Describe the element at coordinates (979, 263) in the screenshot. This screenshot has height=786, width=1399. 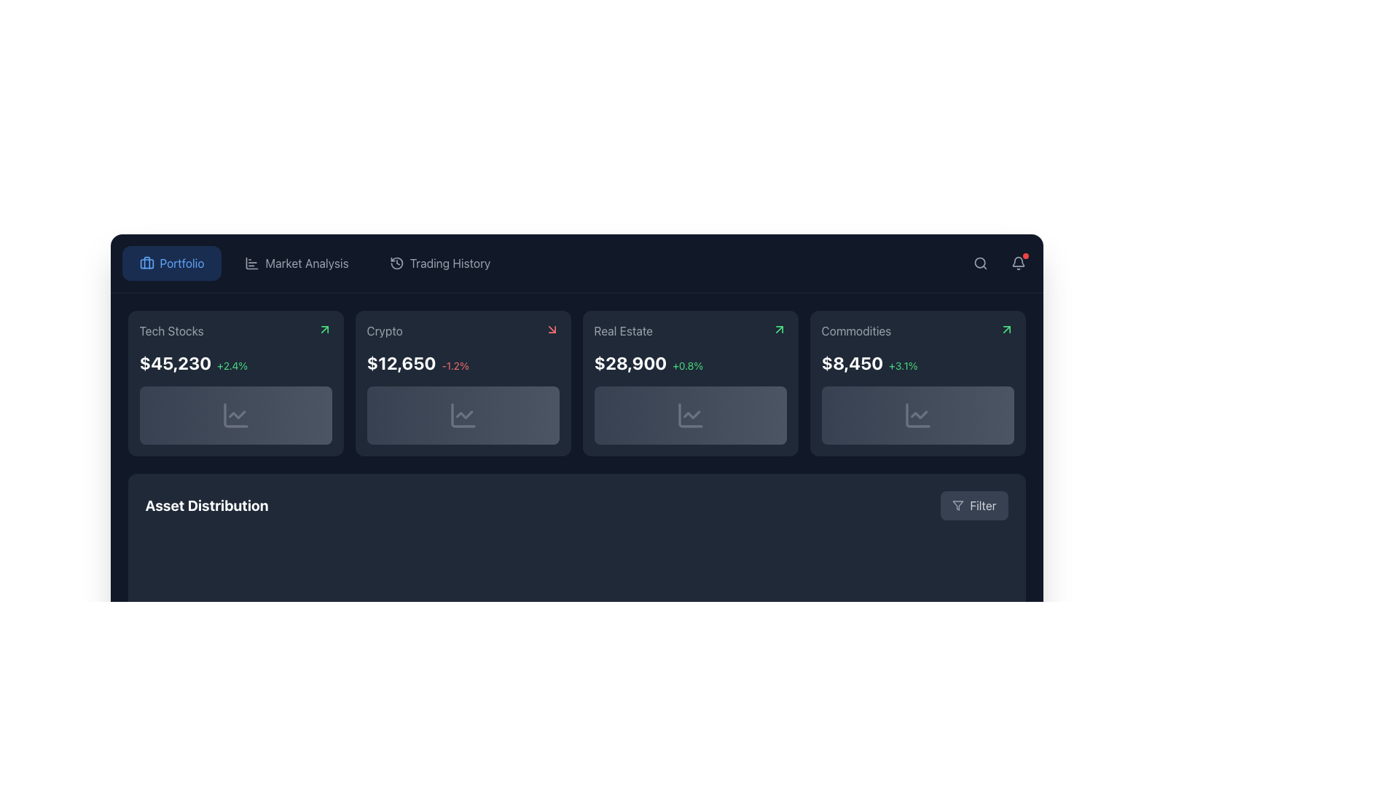
I see `the search icon located in the top-right corner of the interface, adjacent to the notification bell icon` at that location.